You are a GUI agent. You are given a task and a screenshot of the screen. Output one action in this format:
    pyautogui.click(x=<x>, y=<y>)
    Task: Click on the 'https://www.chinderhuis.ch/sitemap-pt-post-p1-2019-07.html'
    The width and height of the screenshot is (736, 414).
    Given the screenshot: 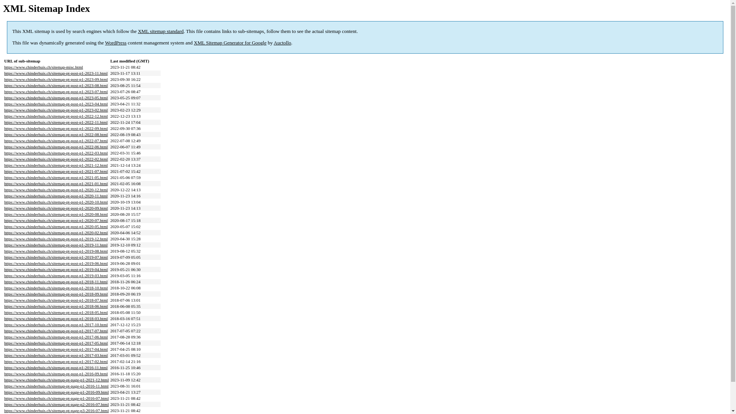 What is the action you would take?
    pyautogui.click(x=55, y=257)
    